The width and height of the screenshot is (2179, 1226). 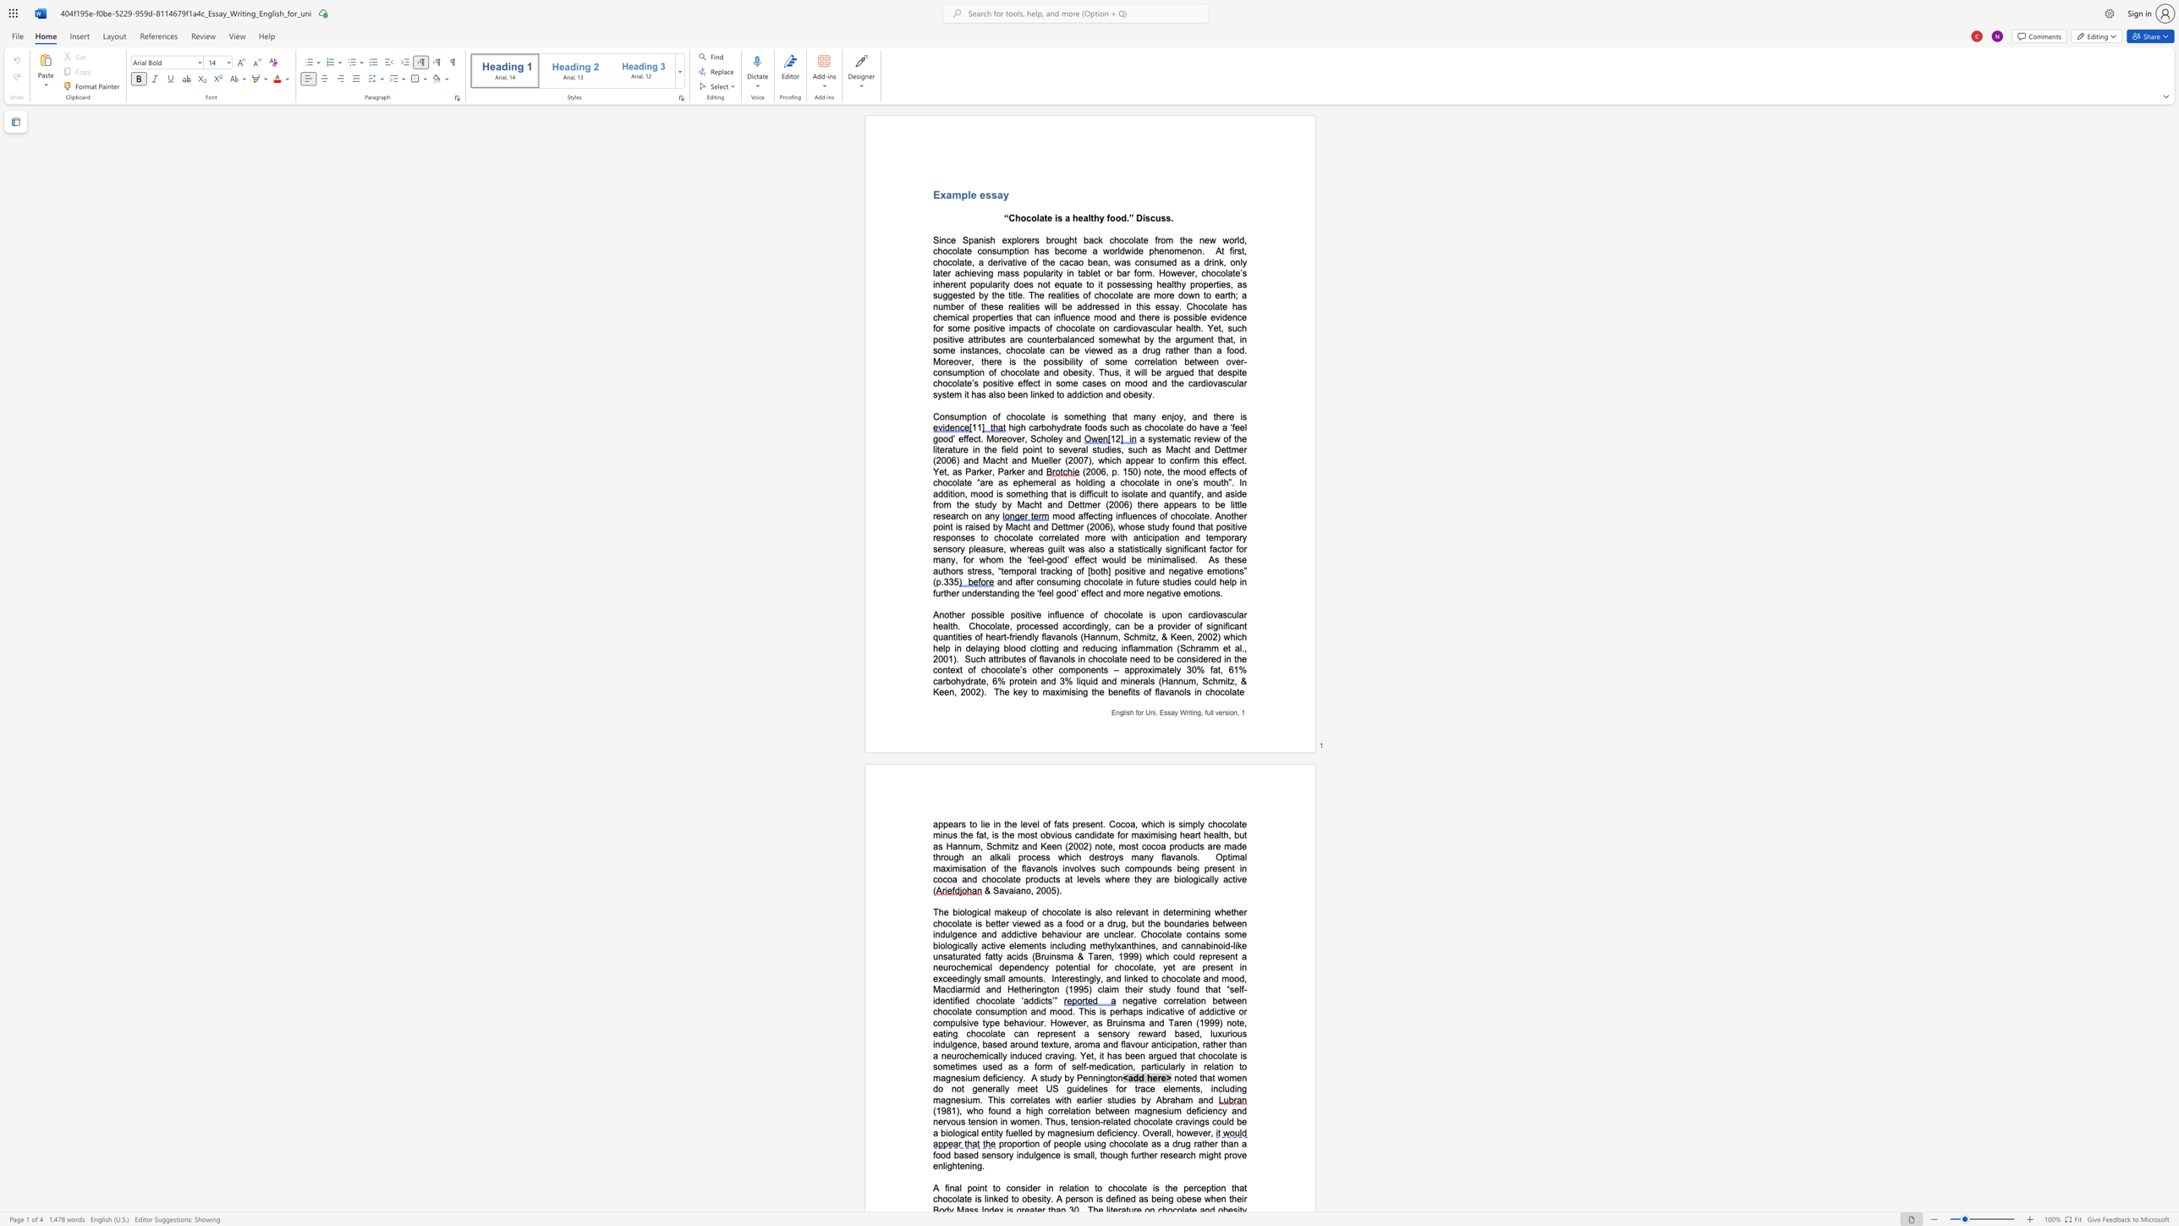 I want to click on the subset text "ove enligh" within the text "proportion of people using chocolate as a drug rather than a food based sensory indulgence is small, though further research might prove enlightening.", so click(x=1232, y=1154).